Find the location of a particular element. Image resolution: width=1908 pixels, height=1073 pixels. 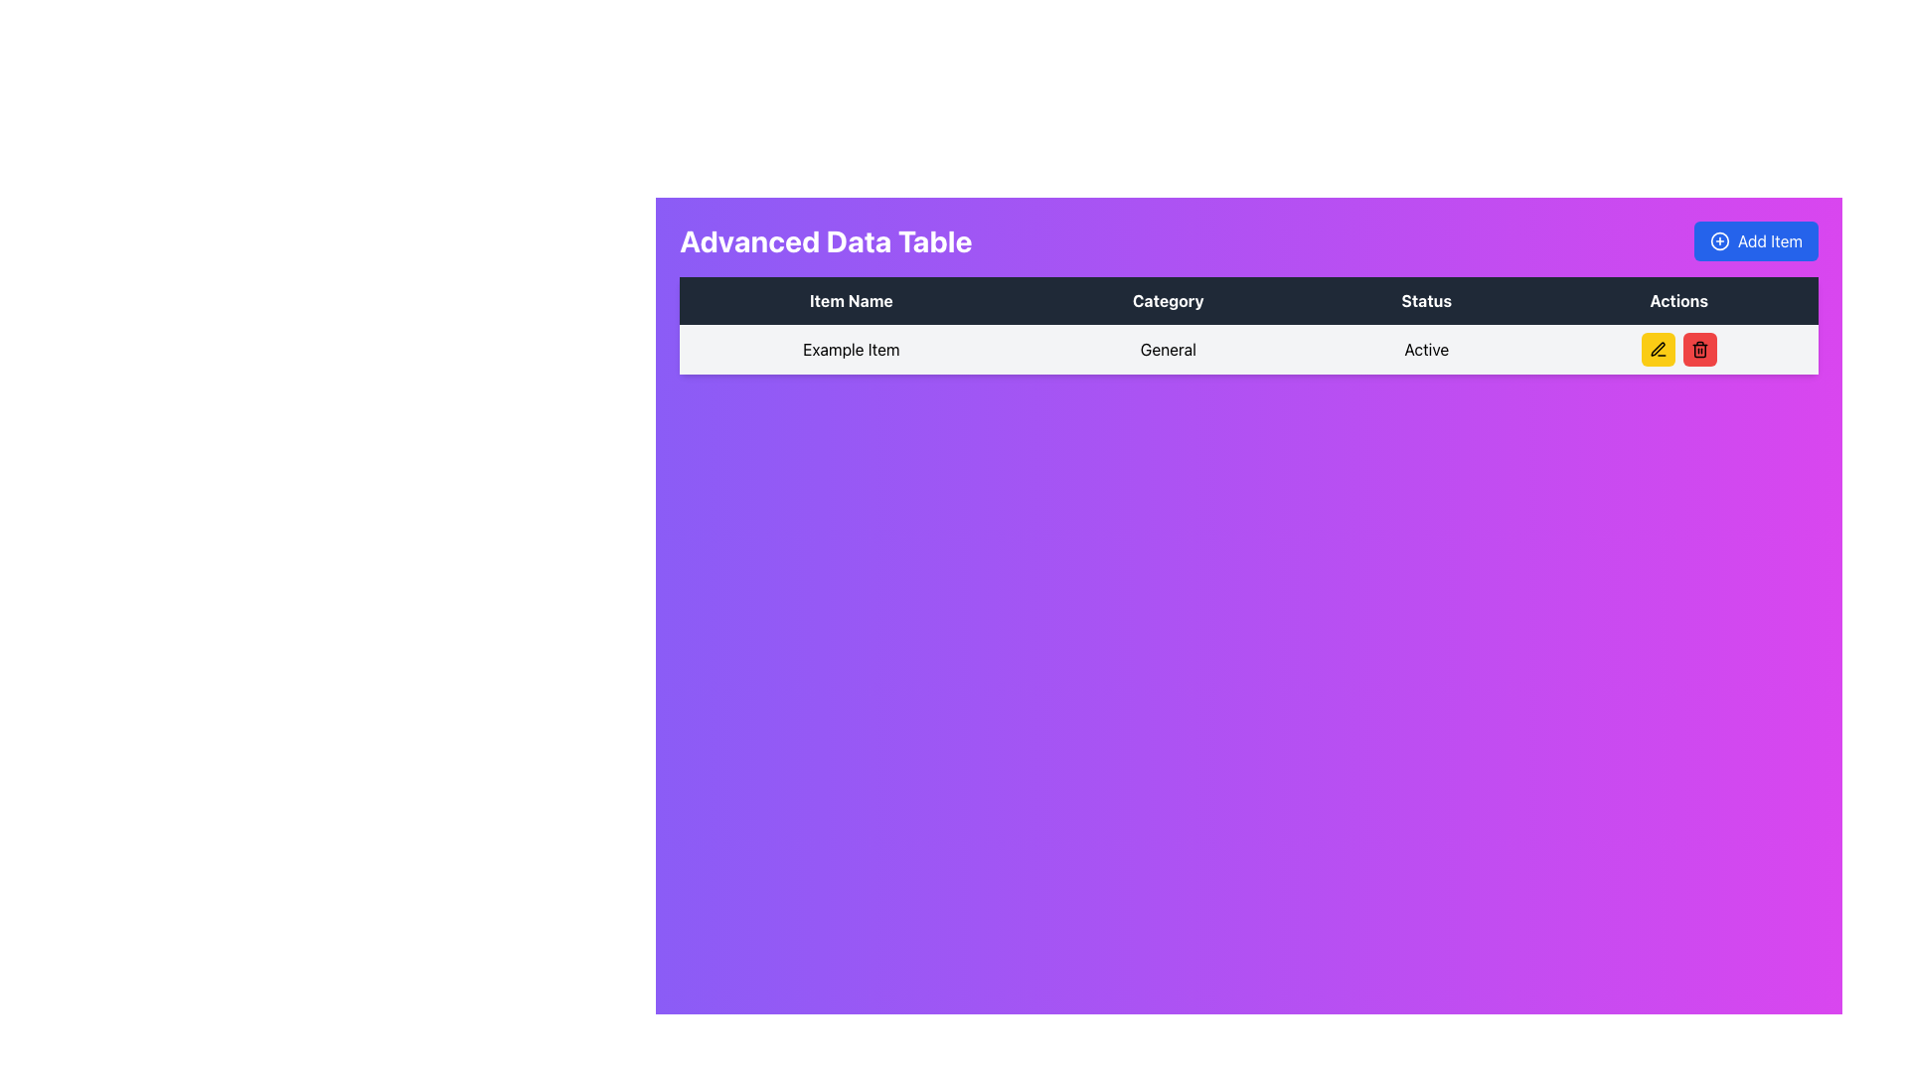

the pen icon button with a yellow background located in the Actions column for the Example Item is located at coordinates (1658, 348).